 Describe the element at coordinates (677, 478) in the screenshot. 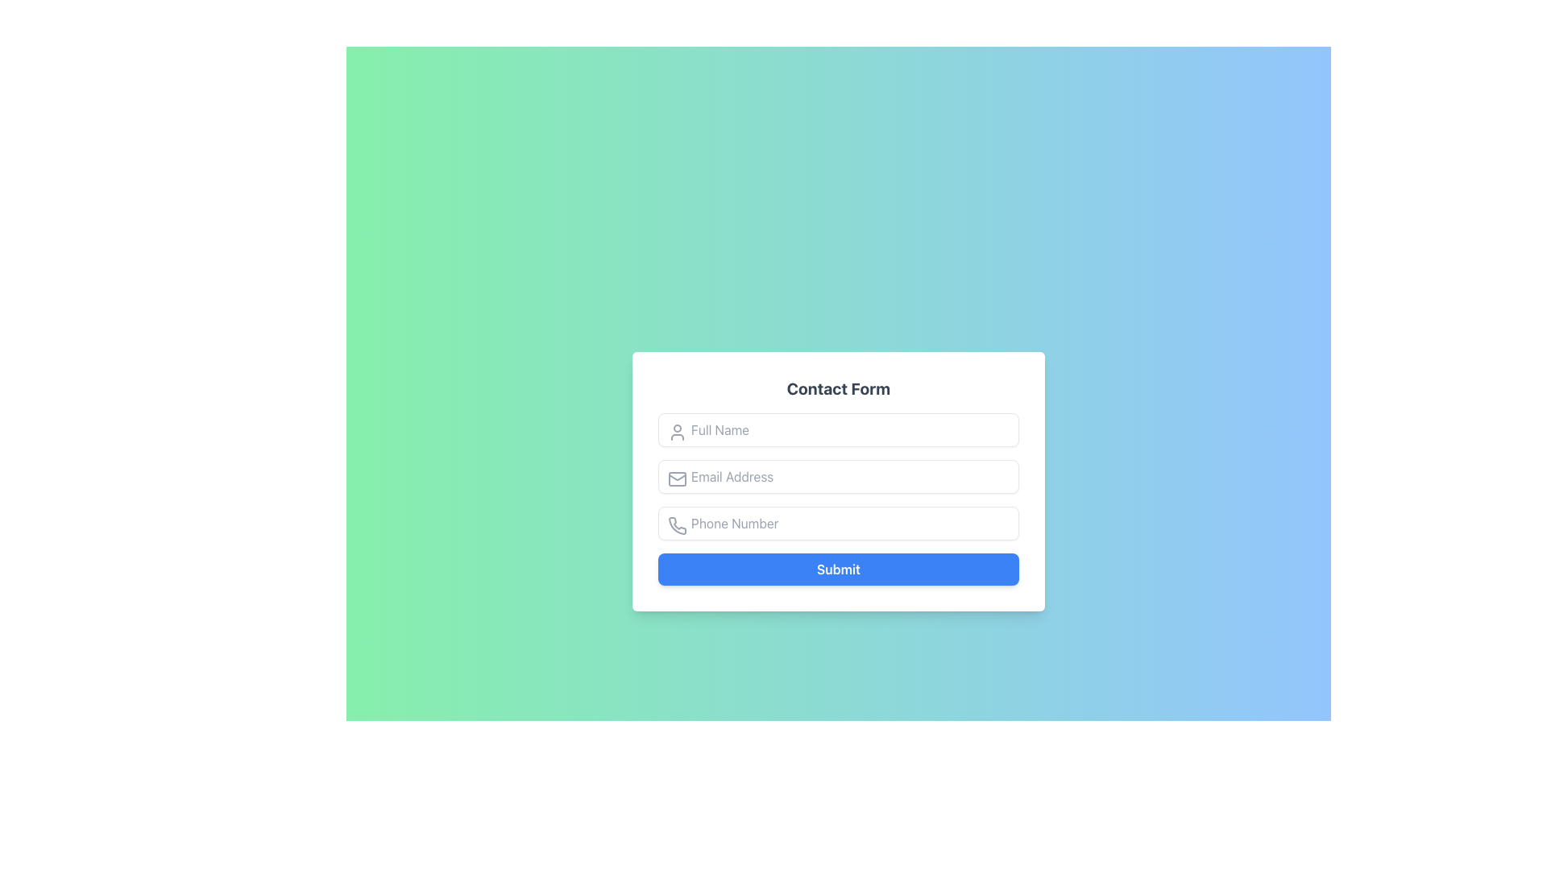

I see `the mail icon, which is a stylized envelope located at the left inner margin of the email input field` at that location.